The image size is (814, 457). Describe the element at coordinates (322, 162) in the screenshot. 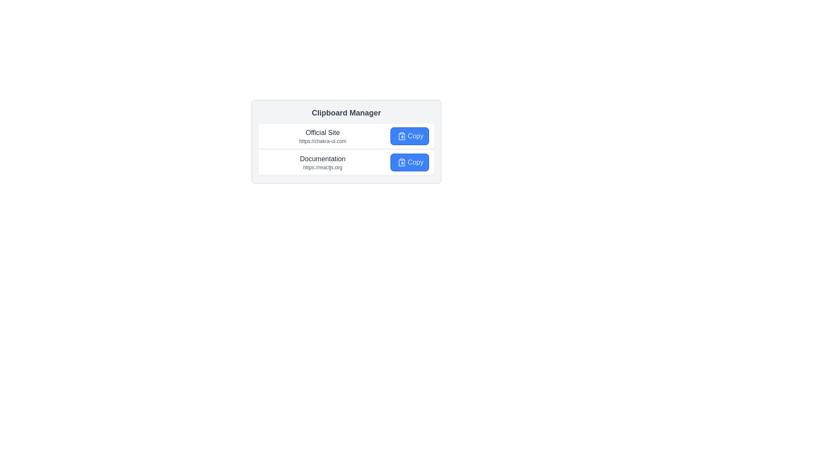

I see `the informational text block displaying the documentation link in the second row of the 'Clipboard Manager' interface` at that location.